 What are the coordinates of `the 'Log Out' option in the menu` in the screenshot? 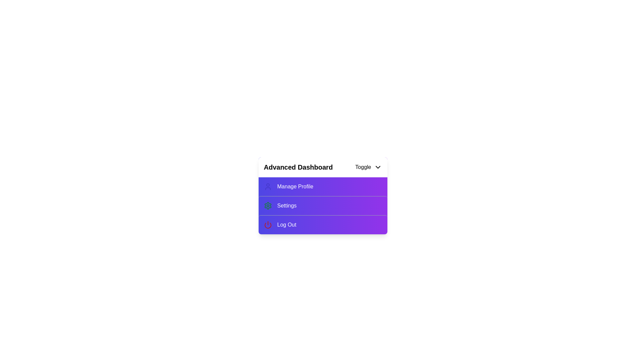 It's located at (323, 225).